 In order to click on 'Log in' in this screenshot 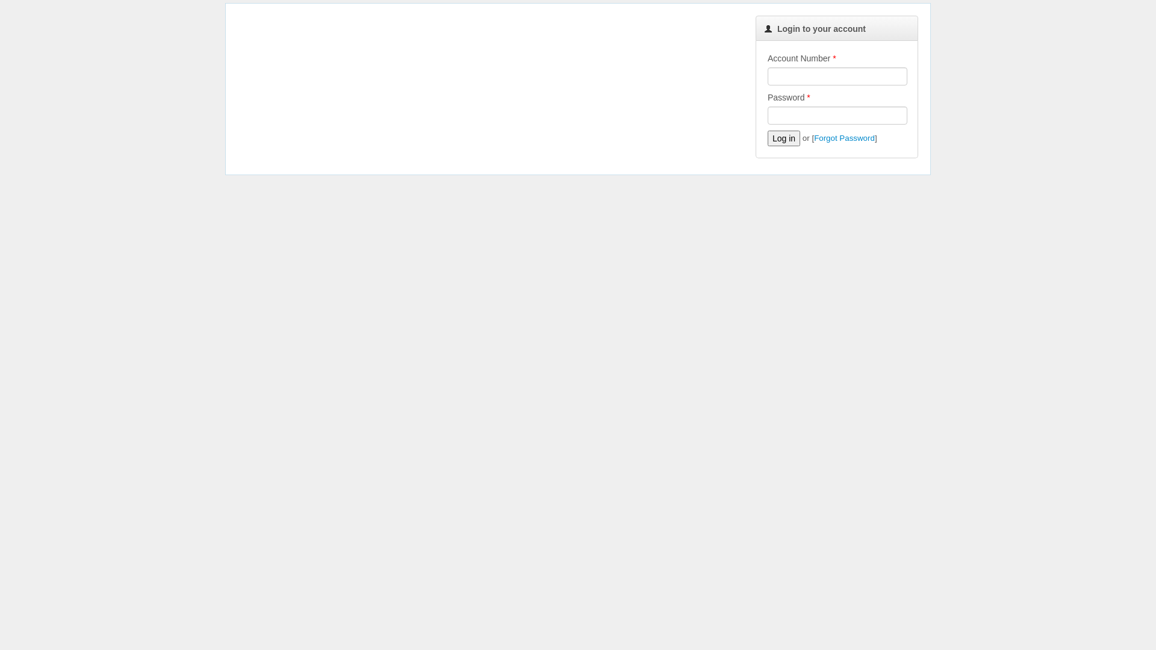, I will do `click(783, 138)`.